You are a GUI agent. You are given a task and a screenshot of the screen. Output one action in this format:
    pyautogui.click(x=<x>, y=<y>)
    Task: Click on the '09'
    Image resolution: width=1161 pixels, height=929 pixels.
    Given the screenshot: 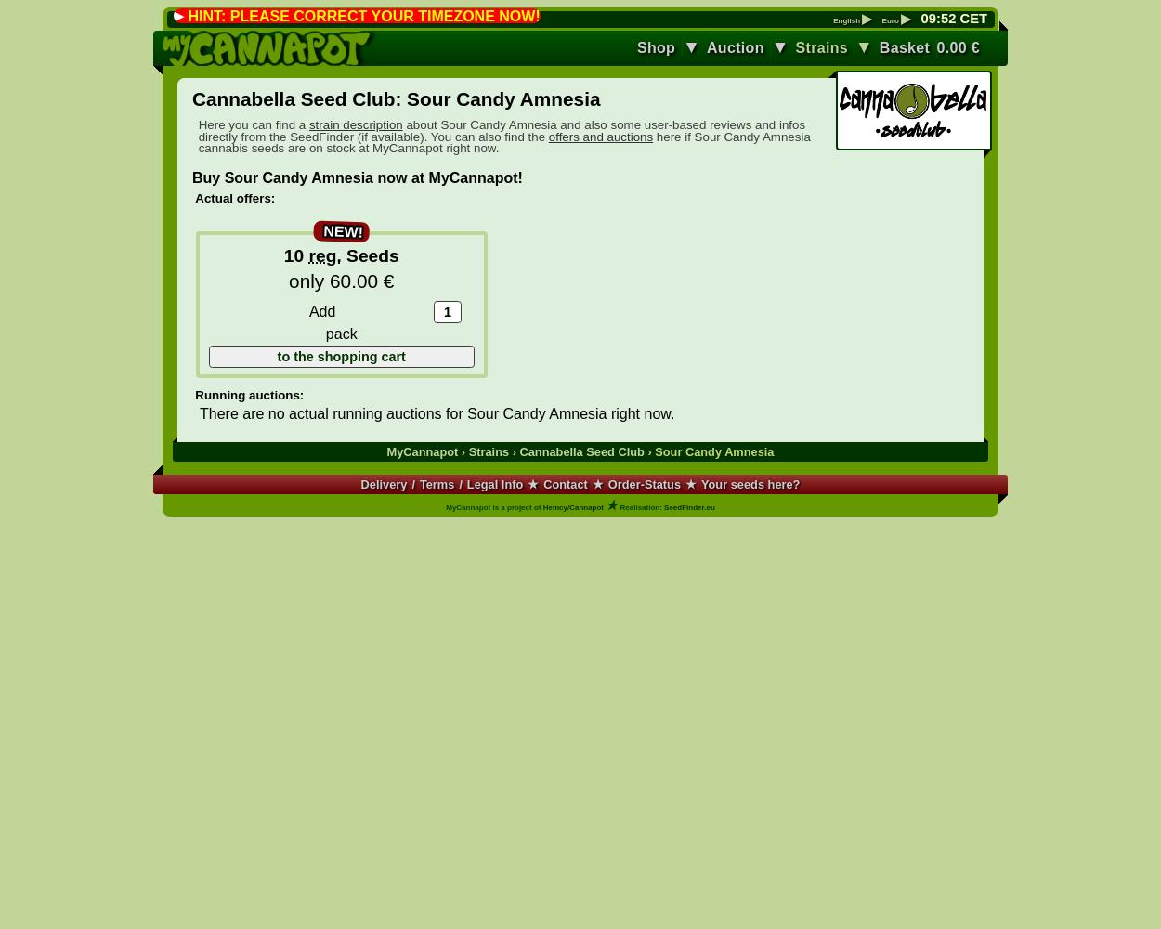 What is the action you would take?
    pyautogui.click(x=927, y=18)
    